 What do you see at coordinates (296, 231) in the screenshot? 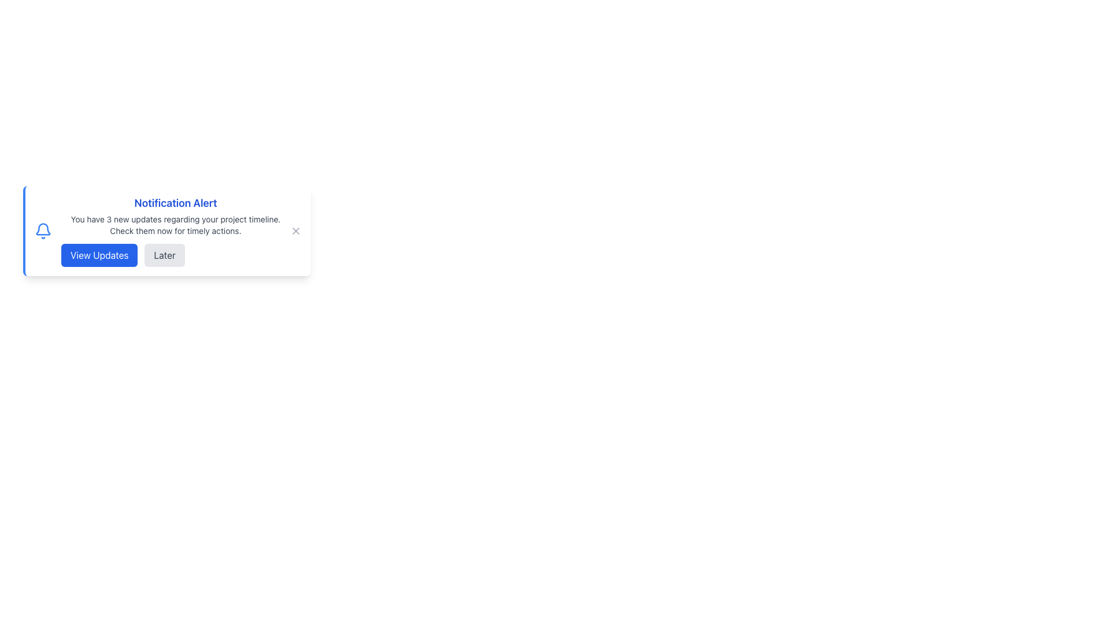
I see `the graphical close icon in the top-right corner of the notification dialog` at bounding box center [296, 231].